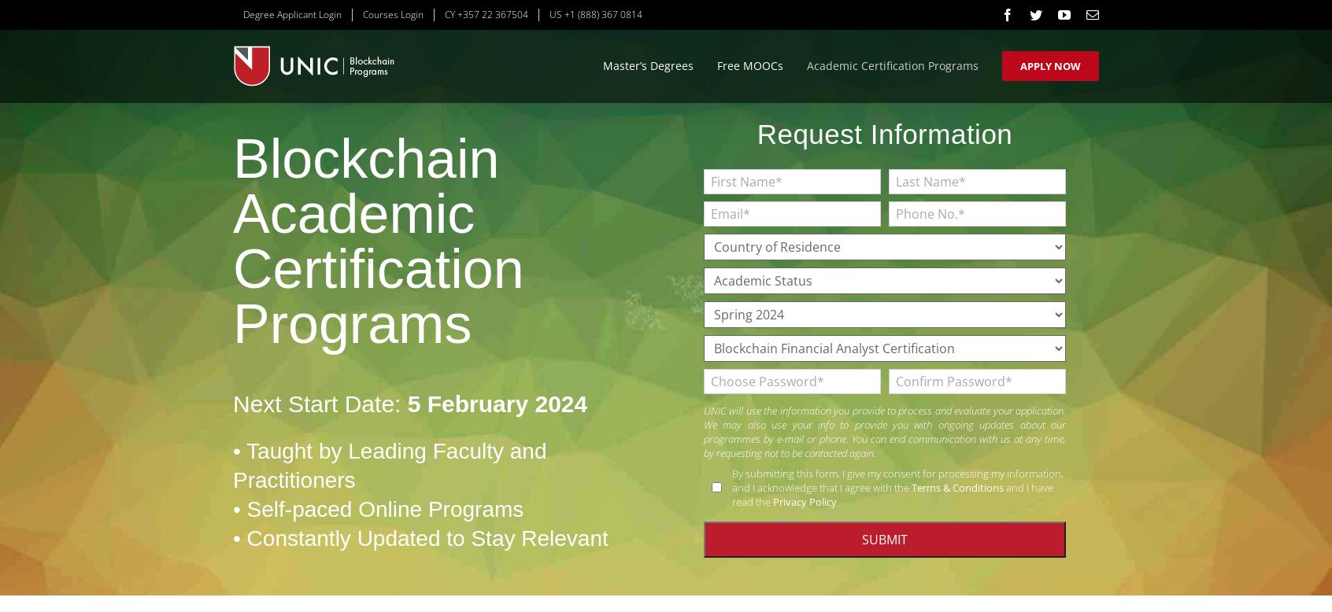 This screenshot has width=1332, height=612. I want to click on '• Constantly Updated to Stay Relevant', so click(420, 538).